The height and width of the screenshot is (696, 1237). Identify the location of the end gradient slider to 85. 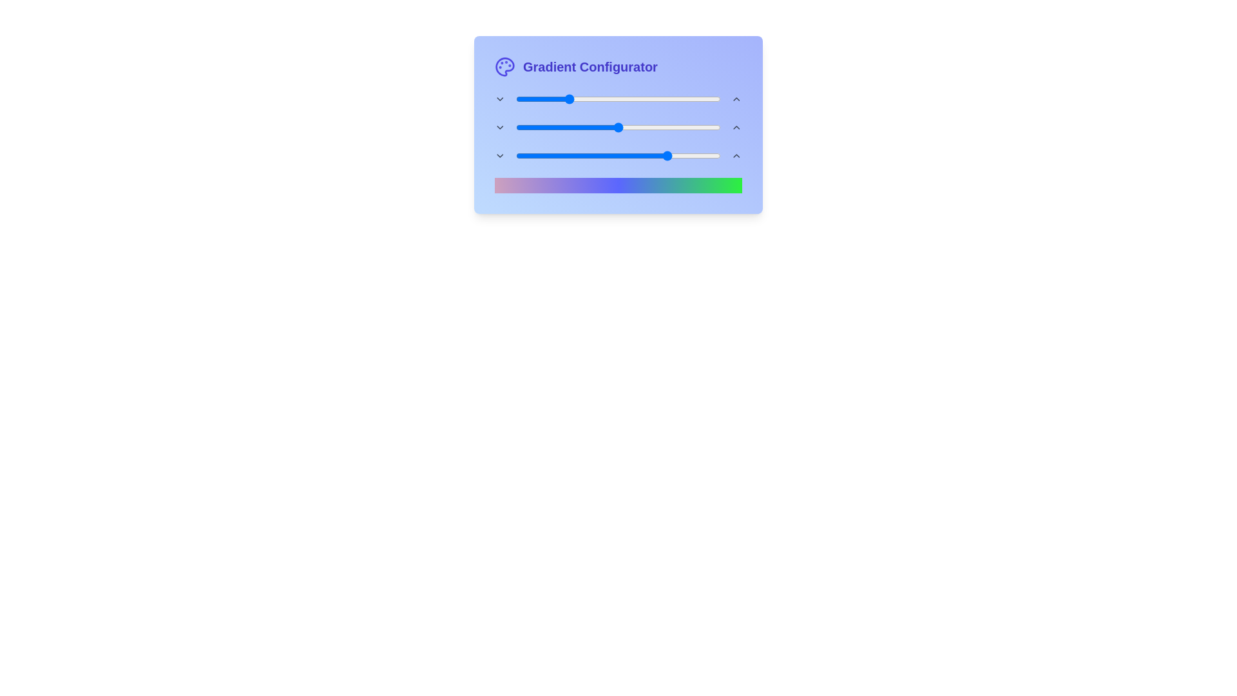
(689, 155).